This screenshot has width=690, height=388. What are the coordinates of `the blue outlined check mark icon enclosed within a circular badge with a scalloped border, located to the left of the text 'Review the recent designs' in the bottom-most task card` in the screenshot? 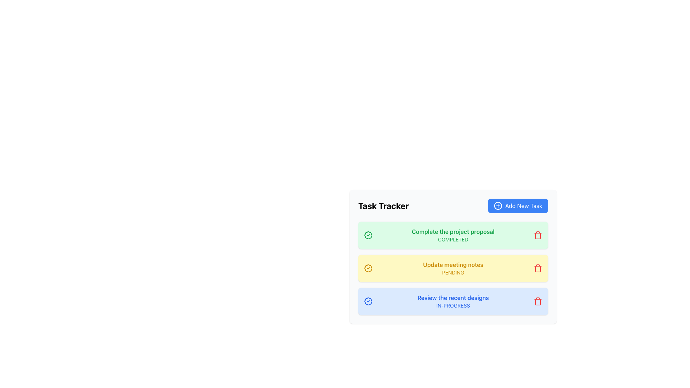 It's located at (368, 301).